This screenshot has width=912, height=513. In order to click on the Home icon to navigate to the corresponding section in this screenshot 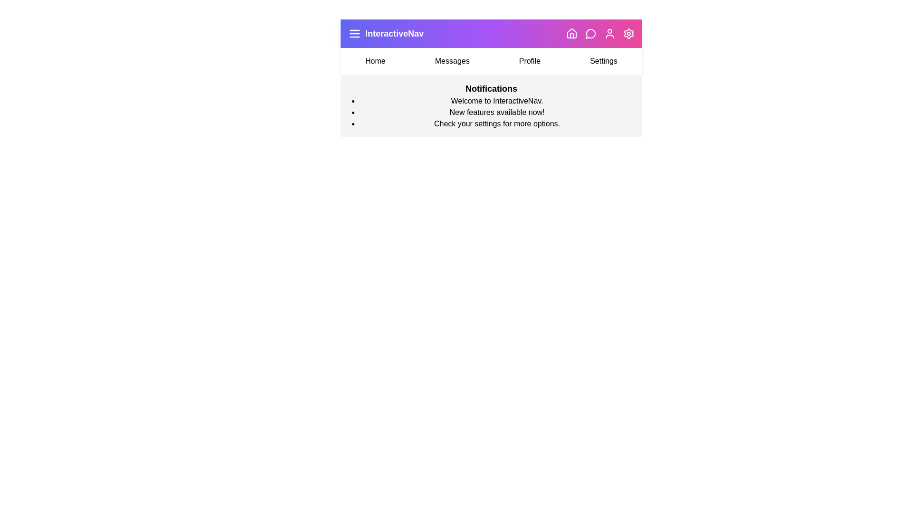, I will do `click(571, 33)`.